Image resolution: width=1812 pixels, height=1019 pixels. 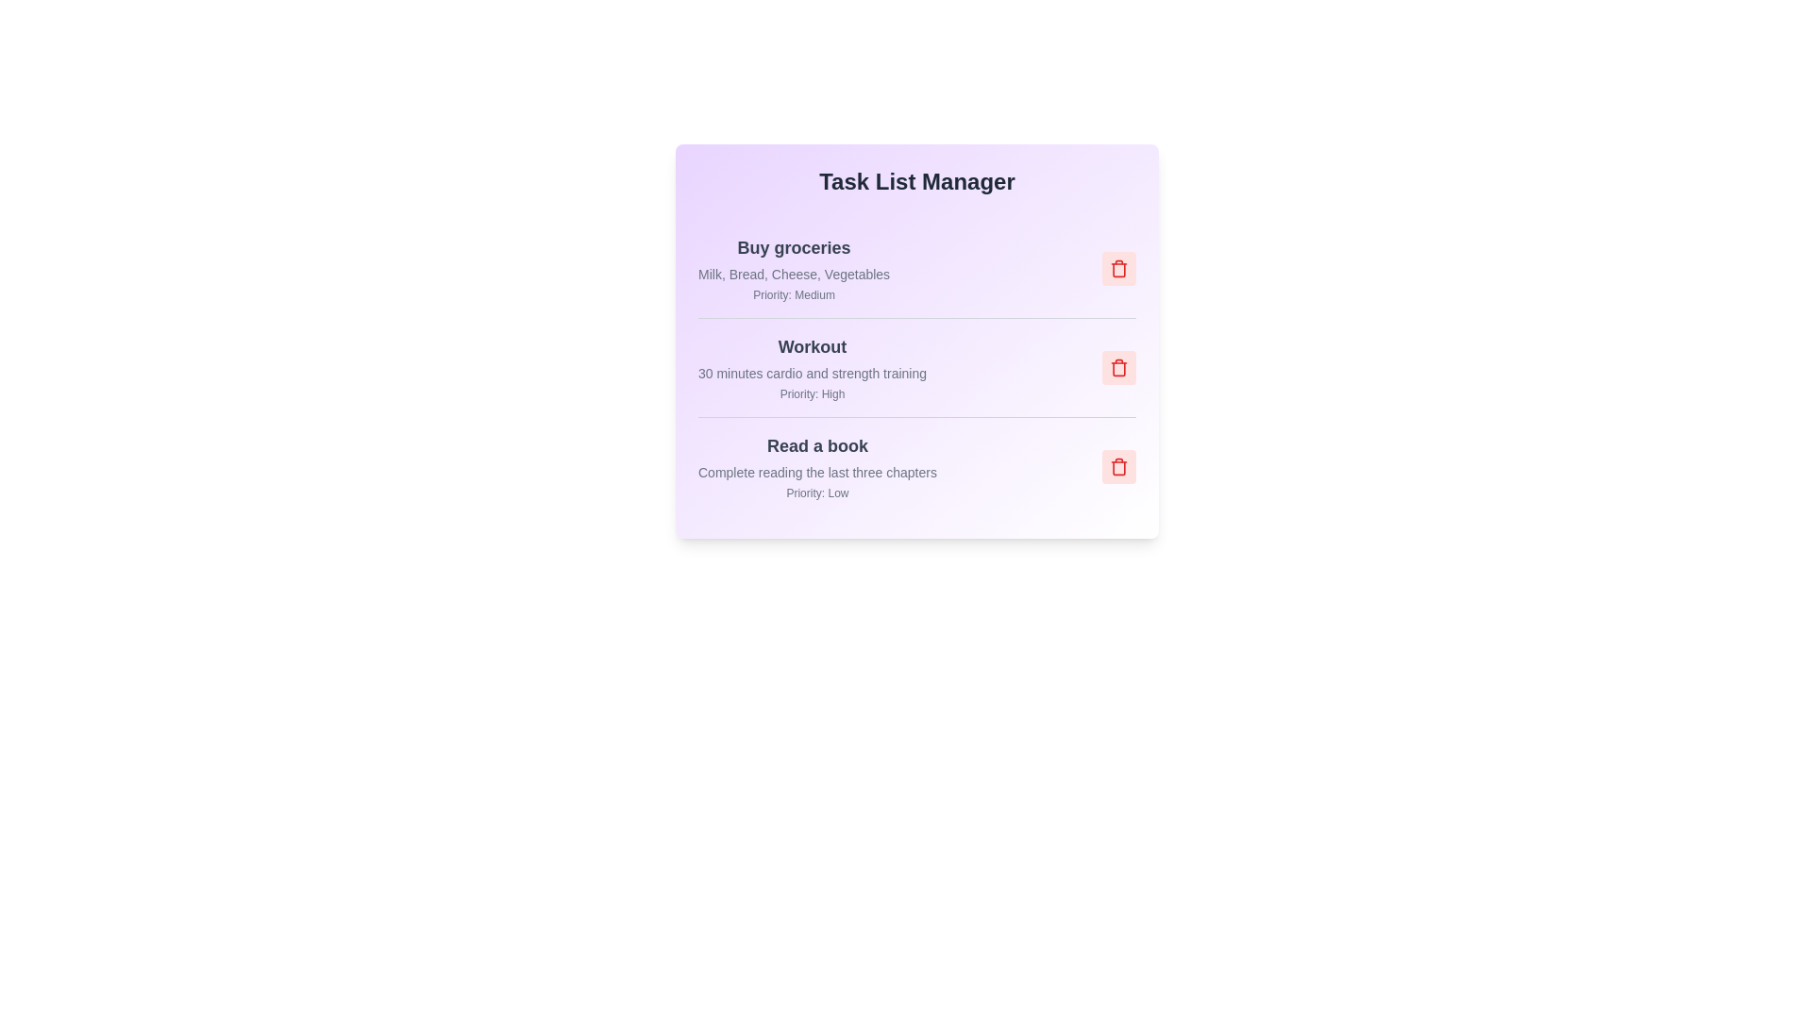 What do you see at coordinates (817, 446) in the screenshot?
I see `the task item with title Read a book` at bounding box center [817, 446].